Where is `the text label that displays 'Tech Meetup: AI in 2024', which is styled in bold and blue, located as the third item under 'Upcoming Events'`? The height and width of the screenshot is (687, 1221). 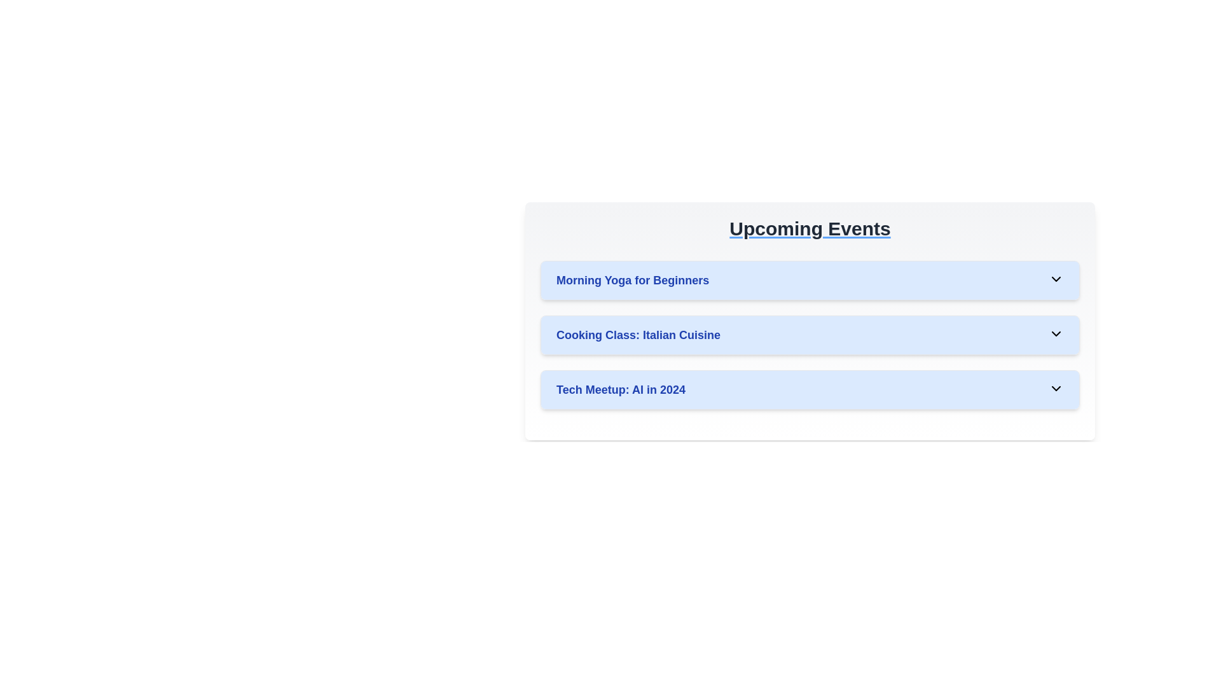 the text label that displays 'Tech Meetup: AI in 2024', which is styled in bold and blue, located as the third item under 'Upcoming Events' is located at coordinates (621, 389).